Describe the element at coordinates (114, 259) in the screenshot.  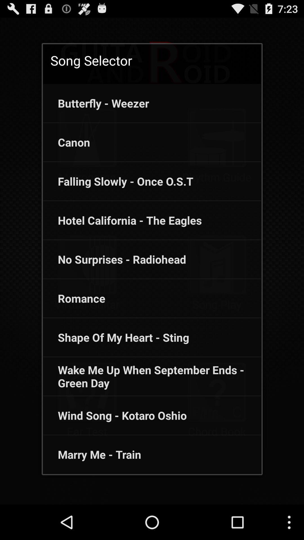
I see `no surprises - radiohead` at that location.